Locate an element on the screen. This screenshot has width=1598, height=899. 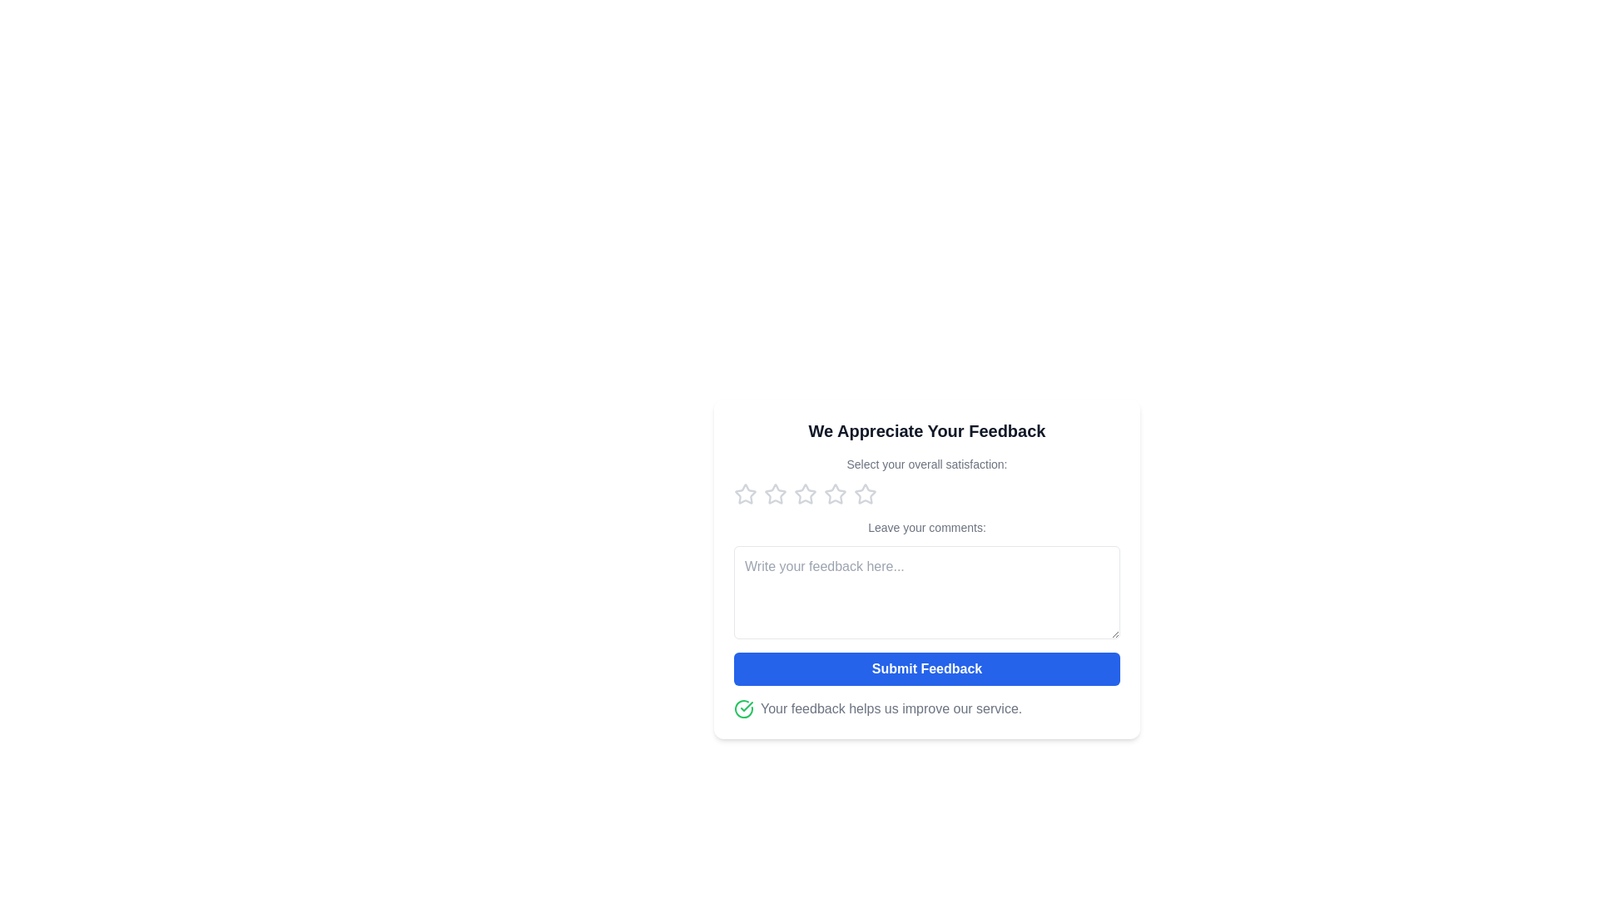
the third star icon in the feedback form is located at coordinates (835, 493).